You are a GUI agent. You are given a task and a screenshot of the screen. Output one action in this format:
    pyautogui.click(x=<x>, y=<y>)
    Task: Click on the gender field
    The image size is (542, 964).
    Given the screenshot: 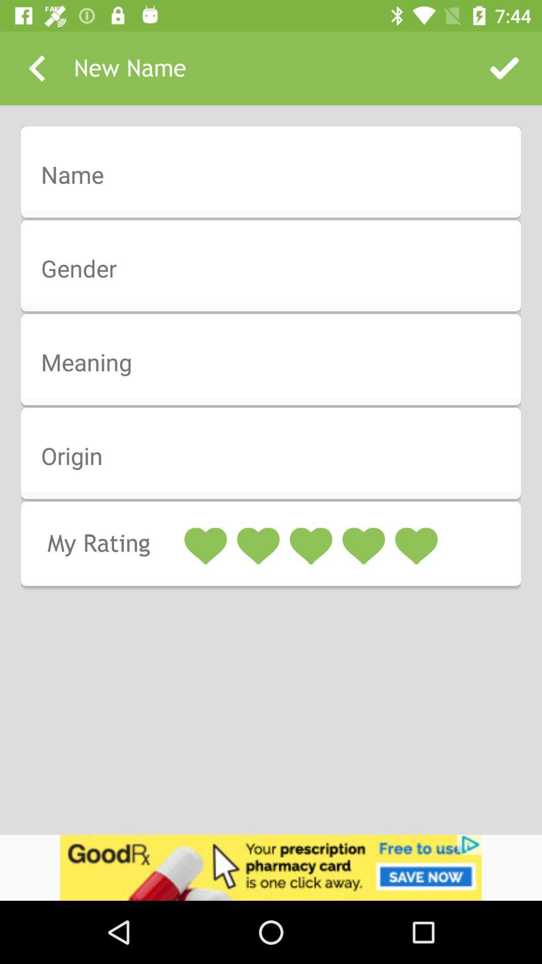 What is the action you would take?
    pyautogui.click(x=278, y=269)
    